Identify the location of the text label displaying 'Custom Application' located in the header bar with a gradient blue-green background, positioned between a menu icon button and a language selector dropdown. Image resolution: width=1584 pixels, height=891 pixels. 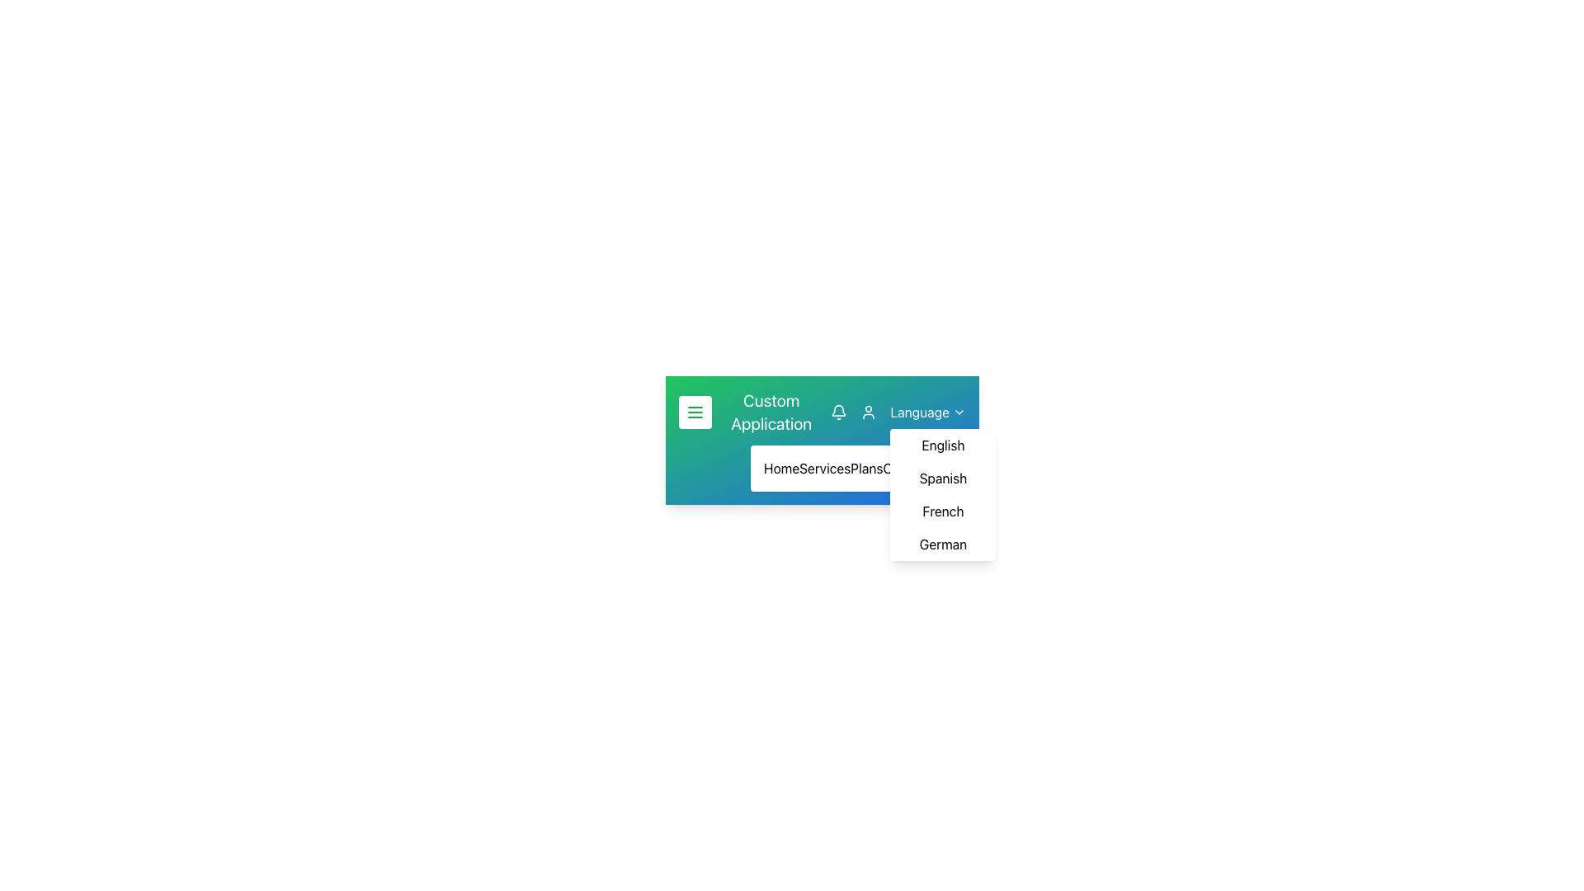
(771, 412).